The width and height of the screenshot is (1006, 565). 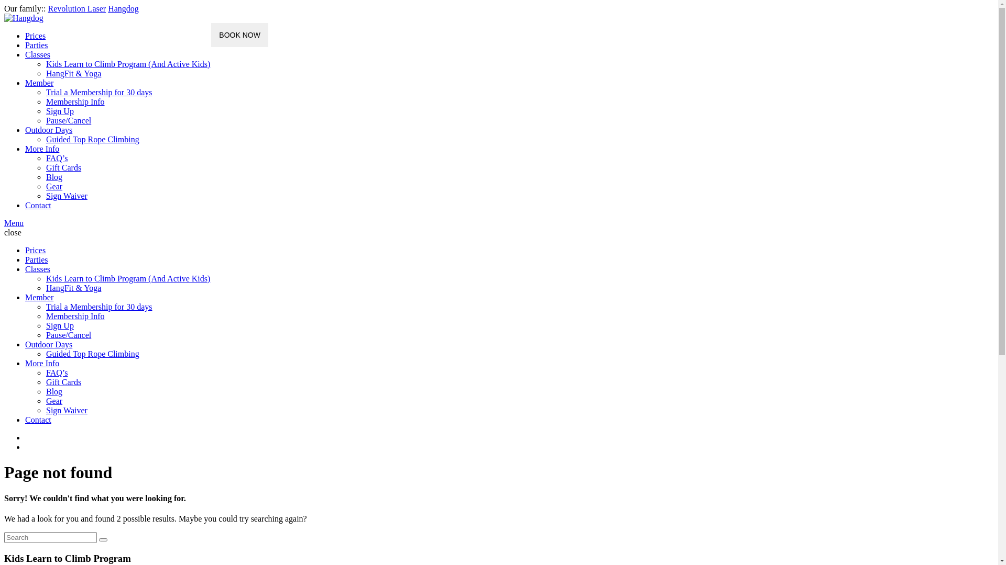 I want to click on 'BOOK NOW', so click(x=238, y=34).